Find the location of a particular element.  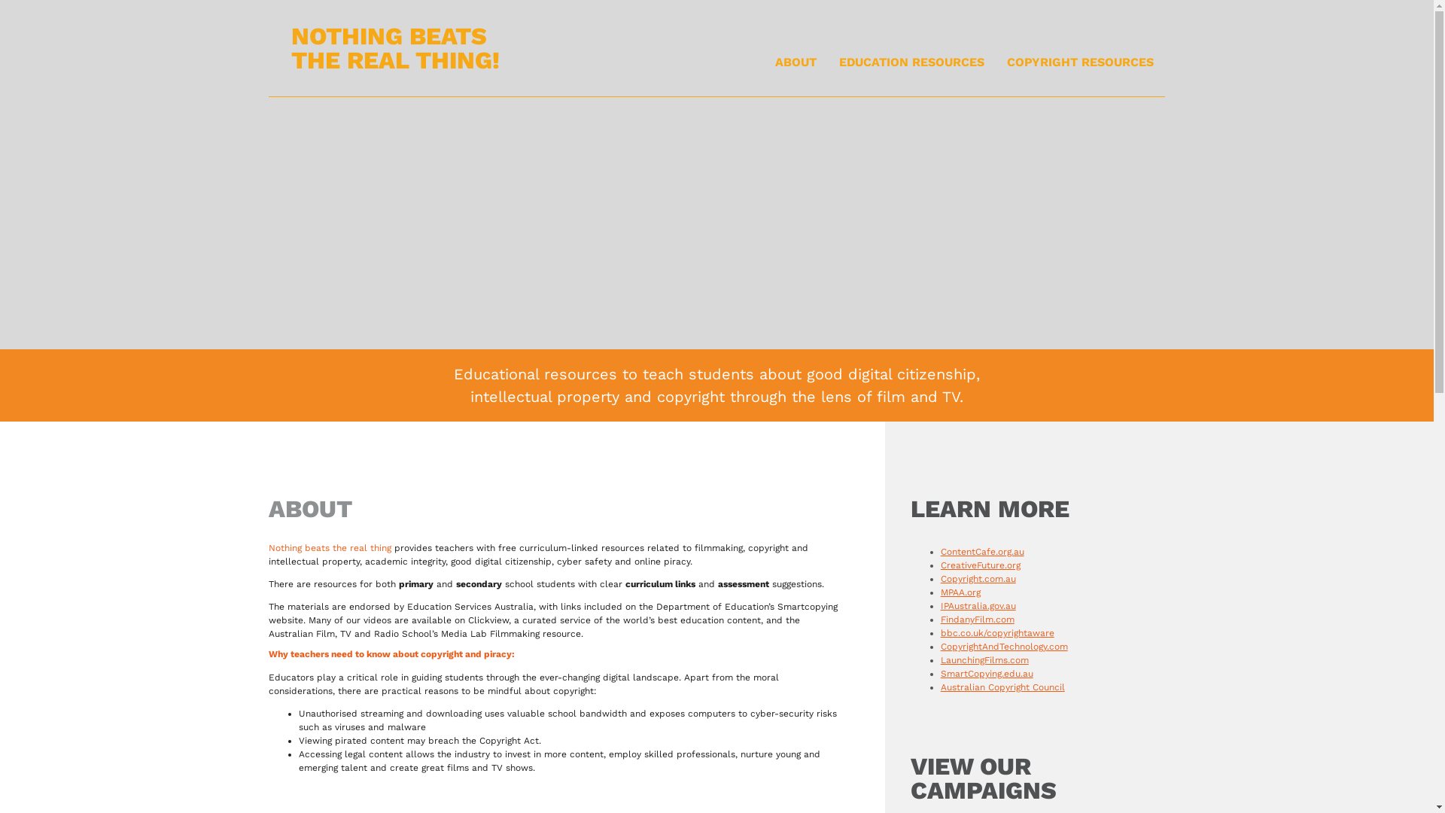

'SmartCopying.edu.au' is located at coordinates (987, 672).